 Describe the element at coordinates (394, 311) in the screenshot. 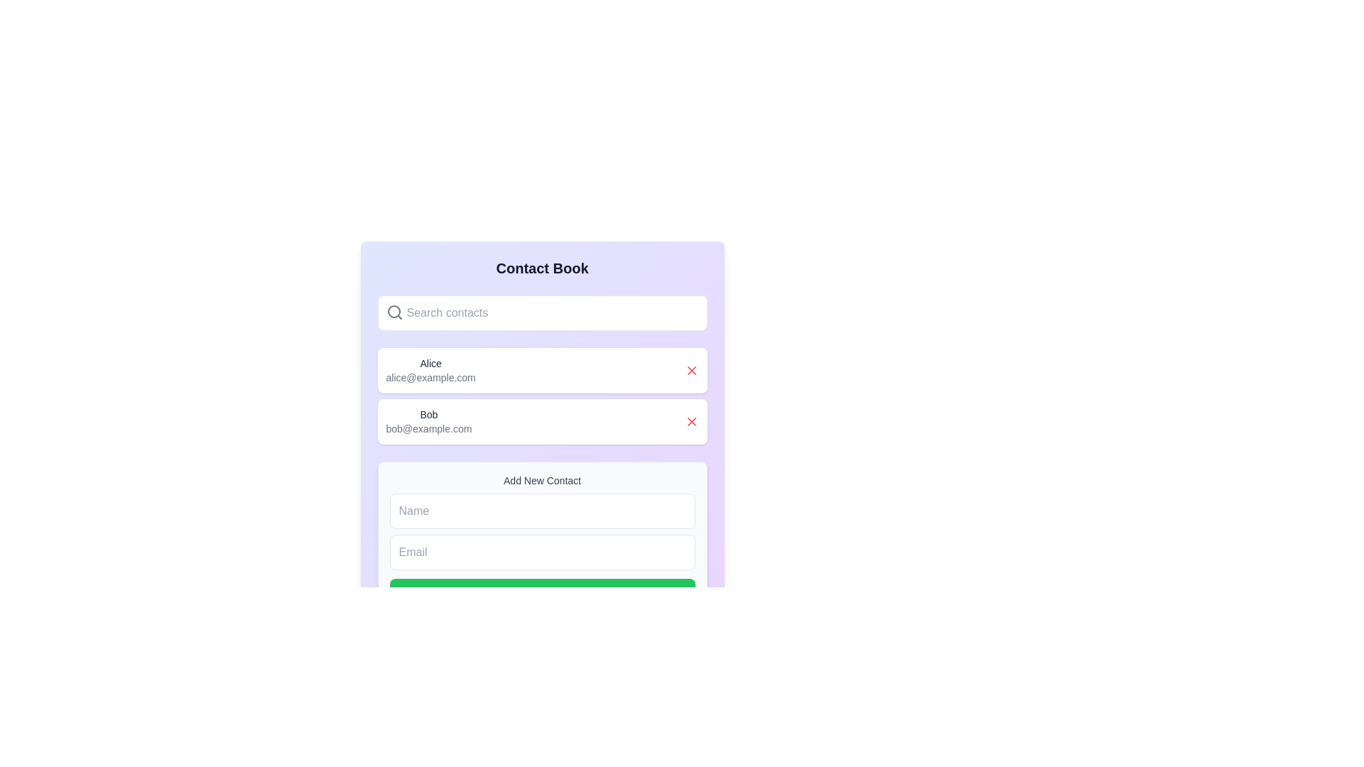

I see `the circular handle of the magnifying glass icon located at the left side of the 'Search contacts' bar` at that location.